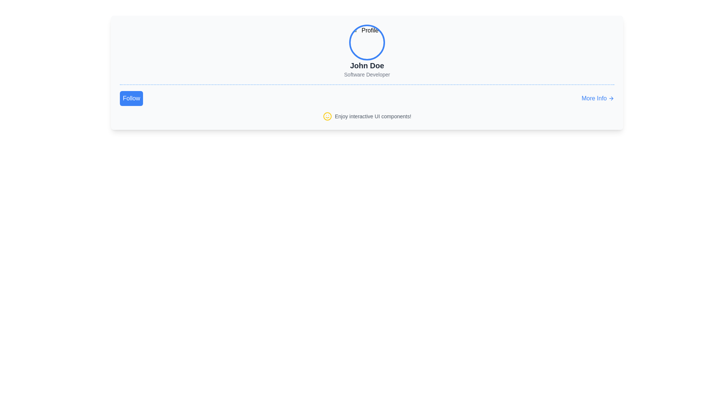 The width and height of the screenshot is (717, 403). Describe the element at coordinates (611, 98) in the screenshot. I see `the forward navigation arrow icon located at the far right end of the 'More Info' label, which is part of the clickable area for additional details` at that location.